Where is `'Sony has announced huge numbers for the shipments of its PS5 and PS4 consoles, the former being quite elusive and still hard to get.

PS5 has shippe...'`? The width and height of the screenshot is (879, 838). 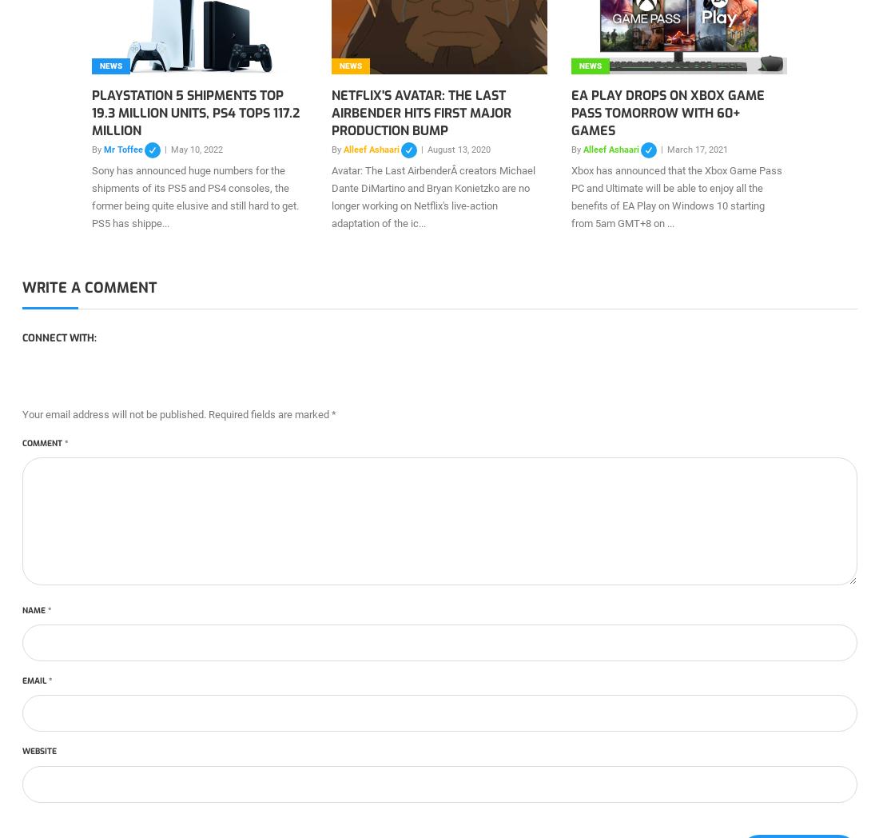 'Sony has announced huge numbers for the shipments of its PS5 and PS4 consoles, the former being quite elusive and still hard to get.

PS5 has shippe...' is located at coordinates (91, 197).